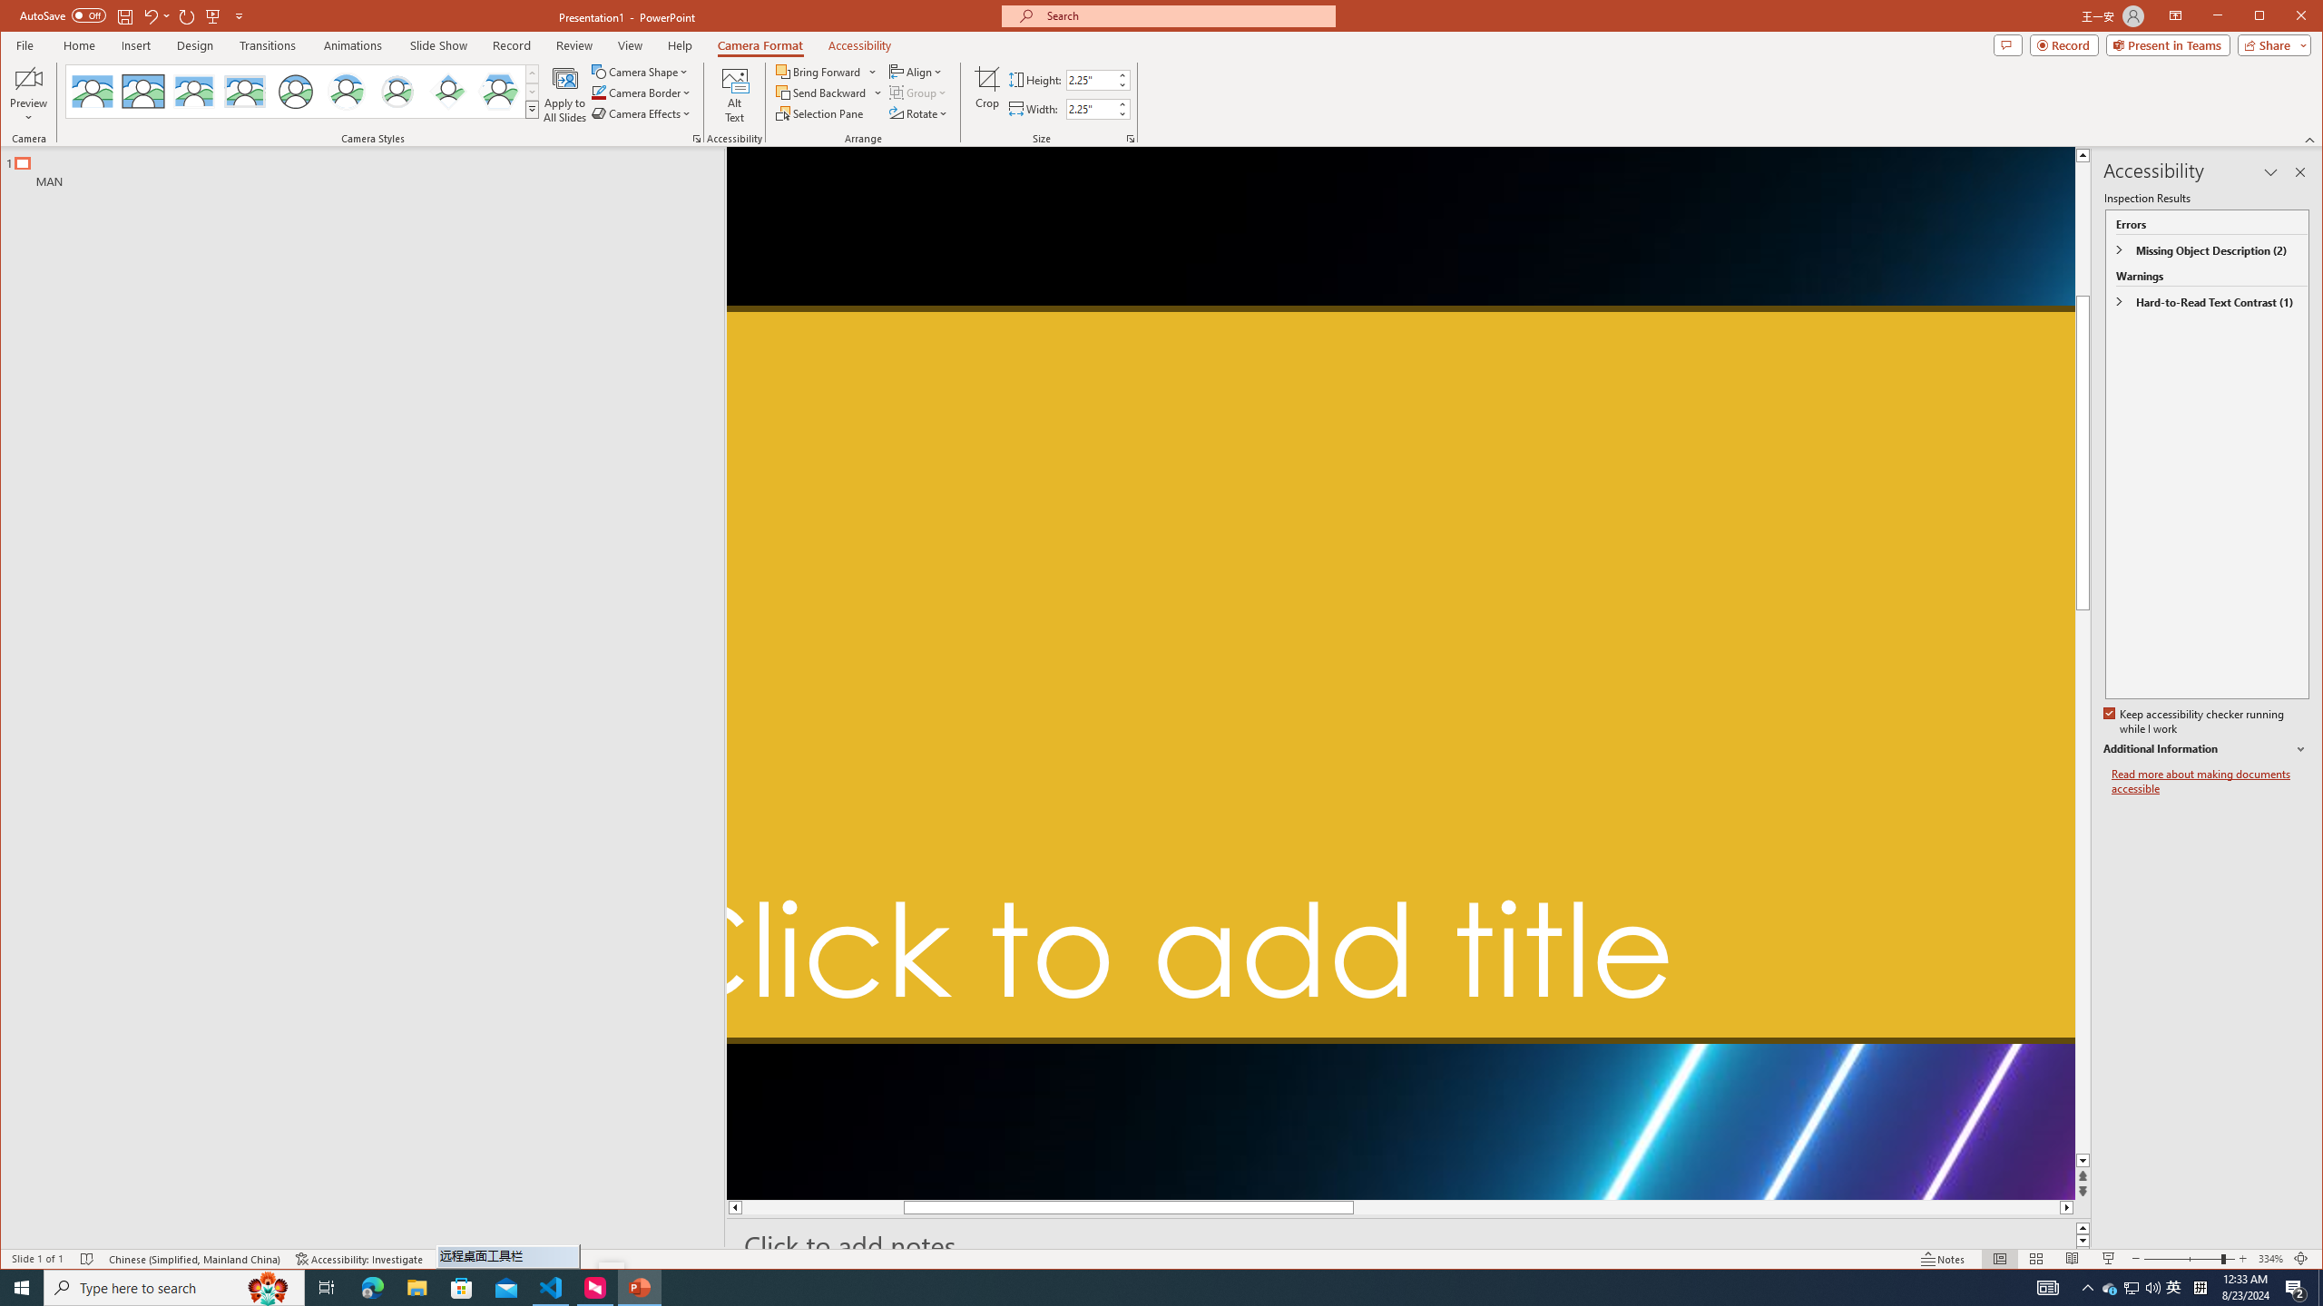 The image size is (2323, 1306). I want to click on 'Simple Frame Rectangle', so click(143, 91).